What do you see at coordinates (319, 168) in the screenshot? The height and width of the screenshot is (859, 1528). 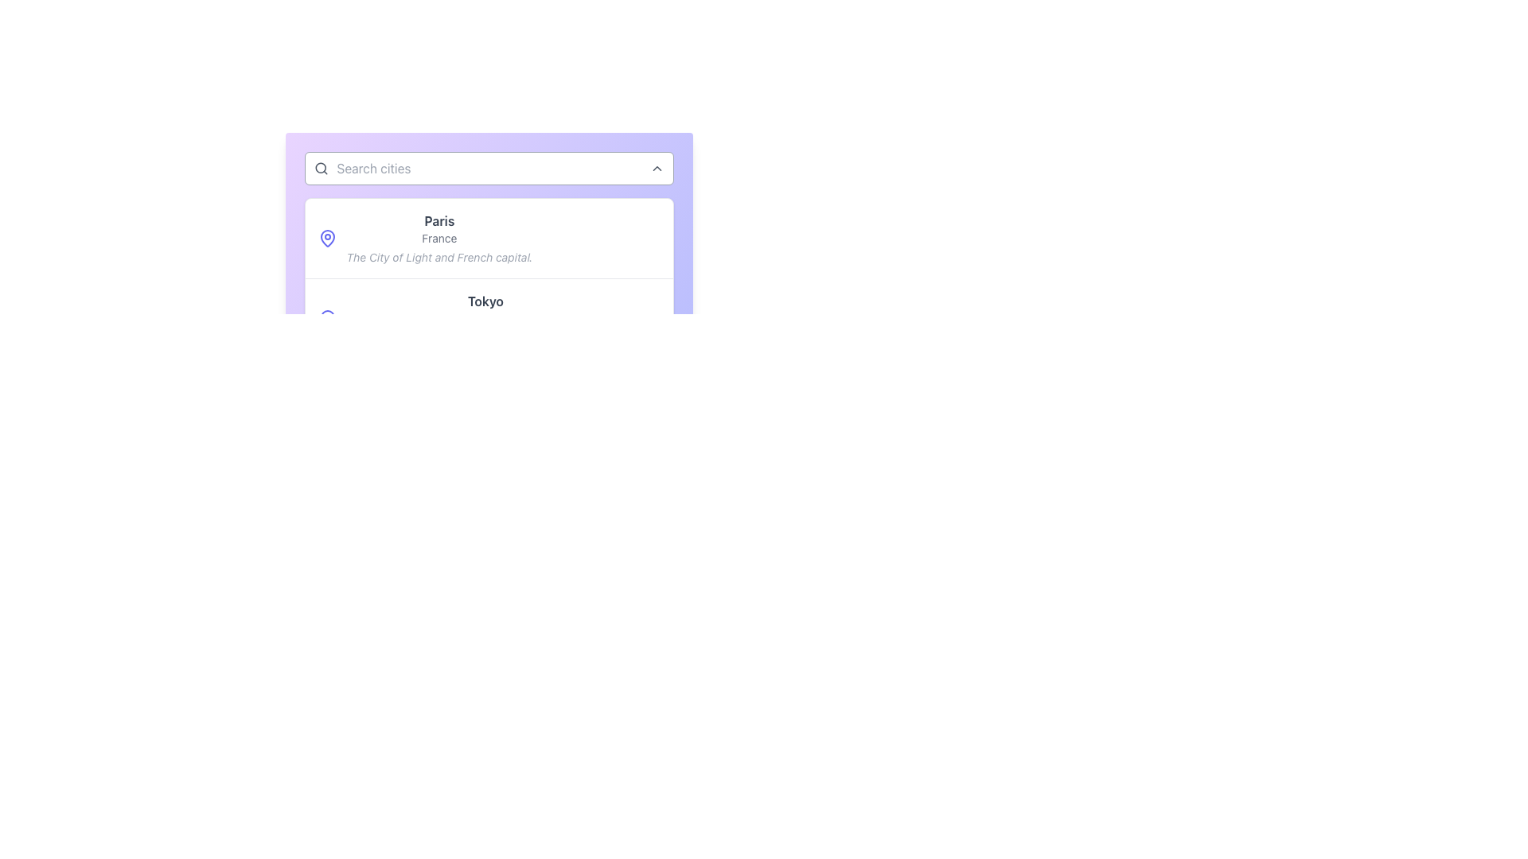 I see `the interactive SVG Circle icon located within the search icon to the left of the search input field` at bounding box center [319, 168].